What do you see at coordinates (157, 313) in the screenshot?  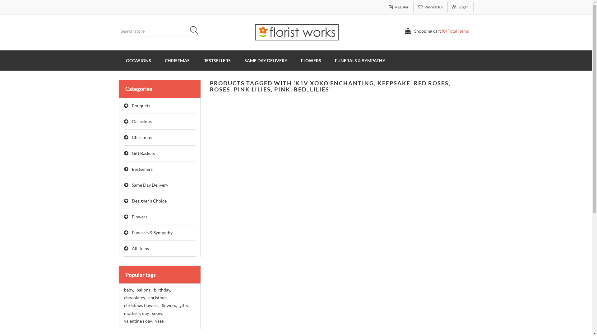 I see `'snow,'` at bounding box center [157, 313].